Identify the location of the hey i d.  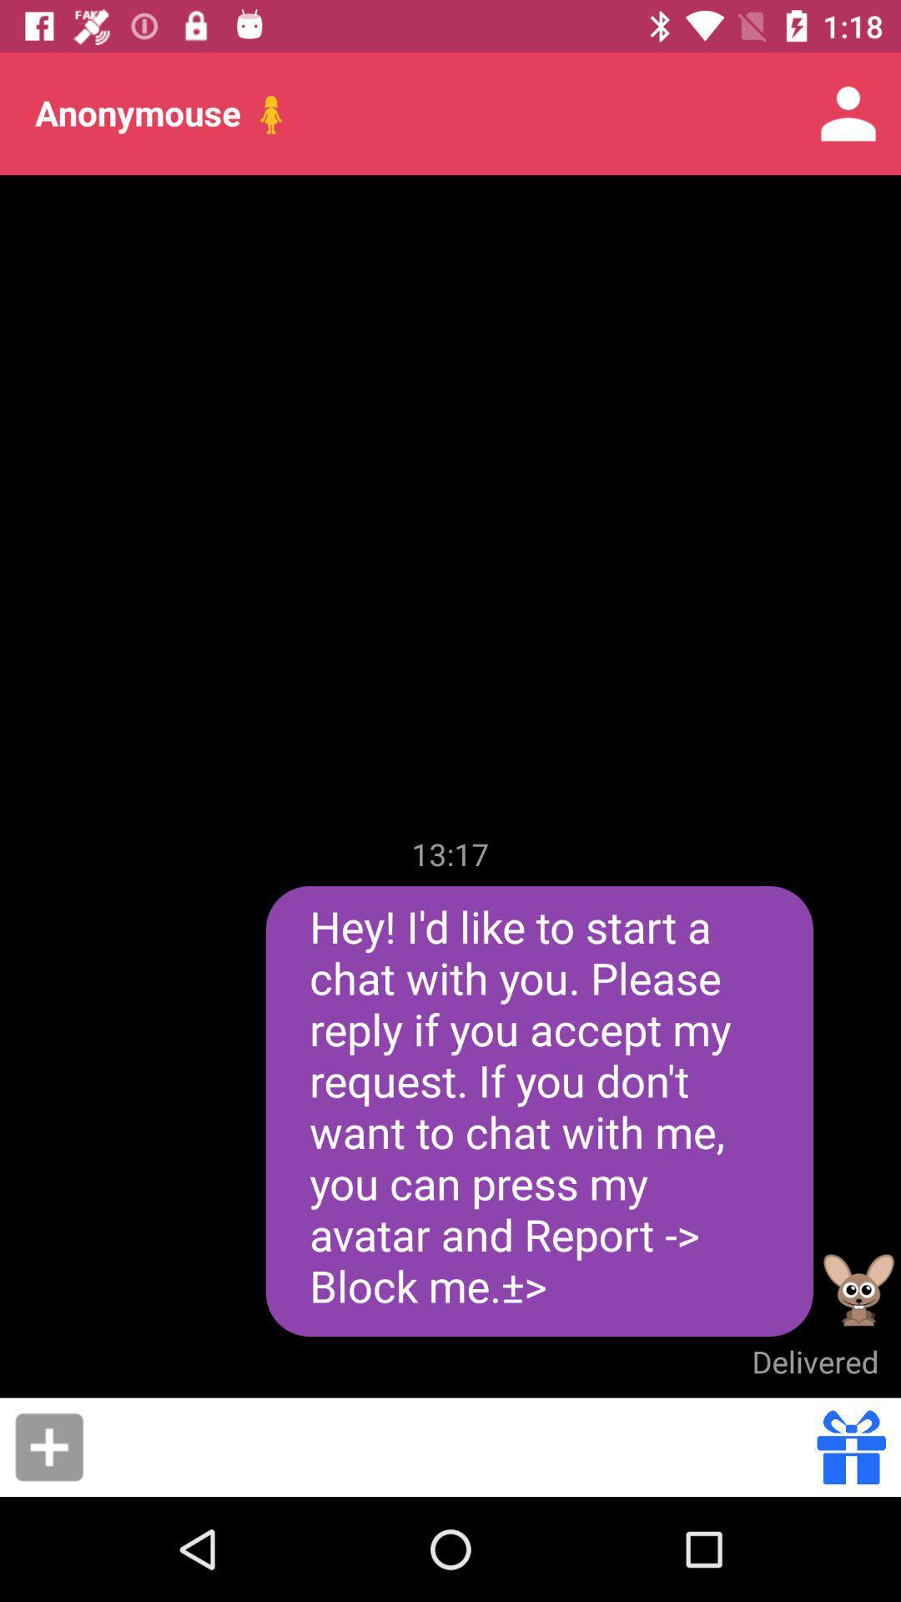
(539, 1111).